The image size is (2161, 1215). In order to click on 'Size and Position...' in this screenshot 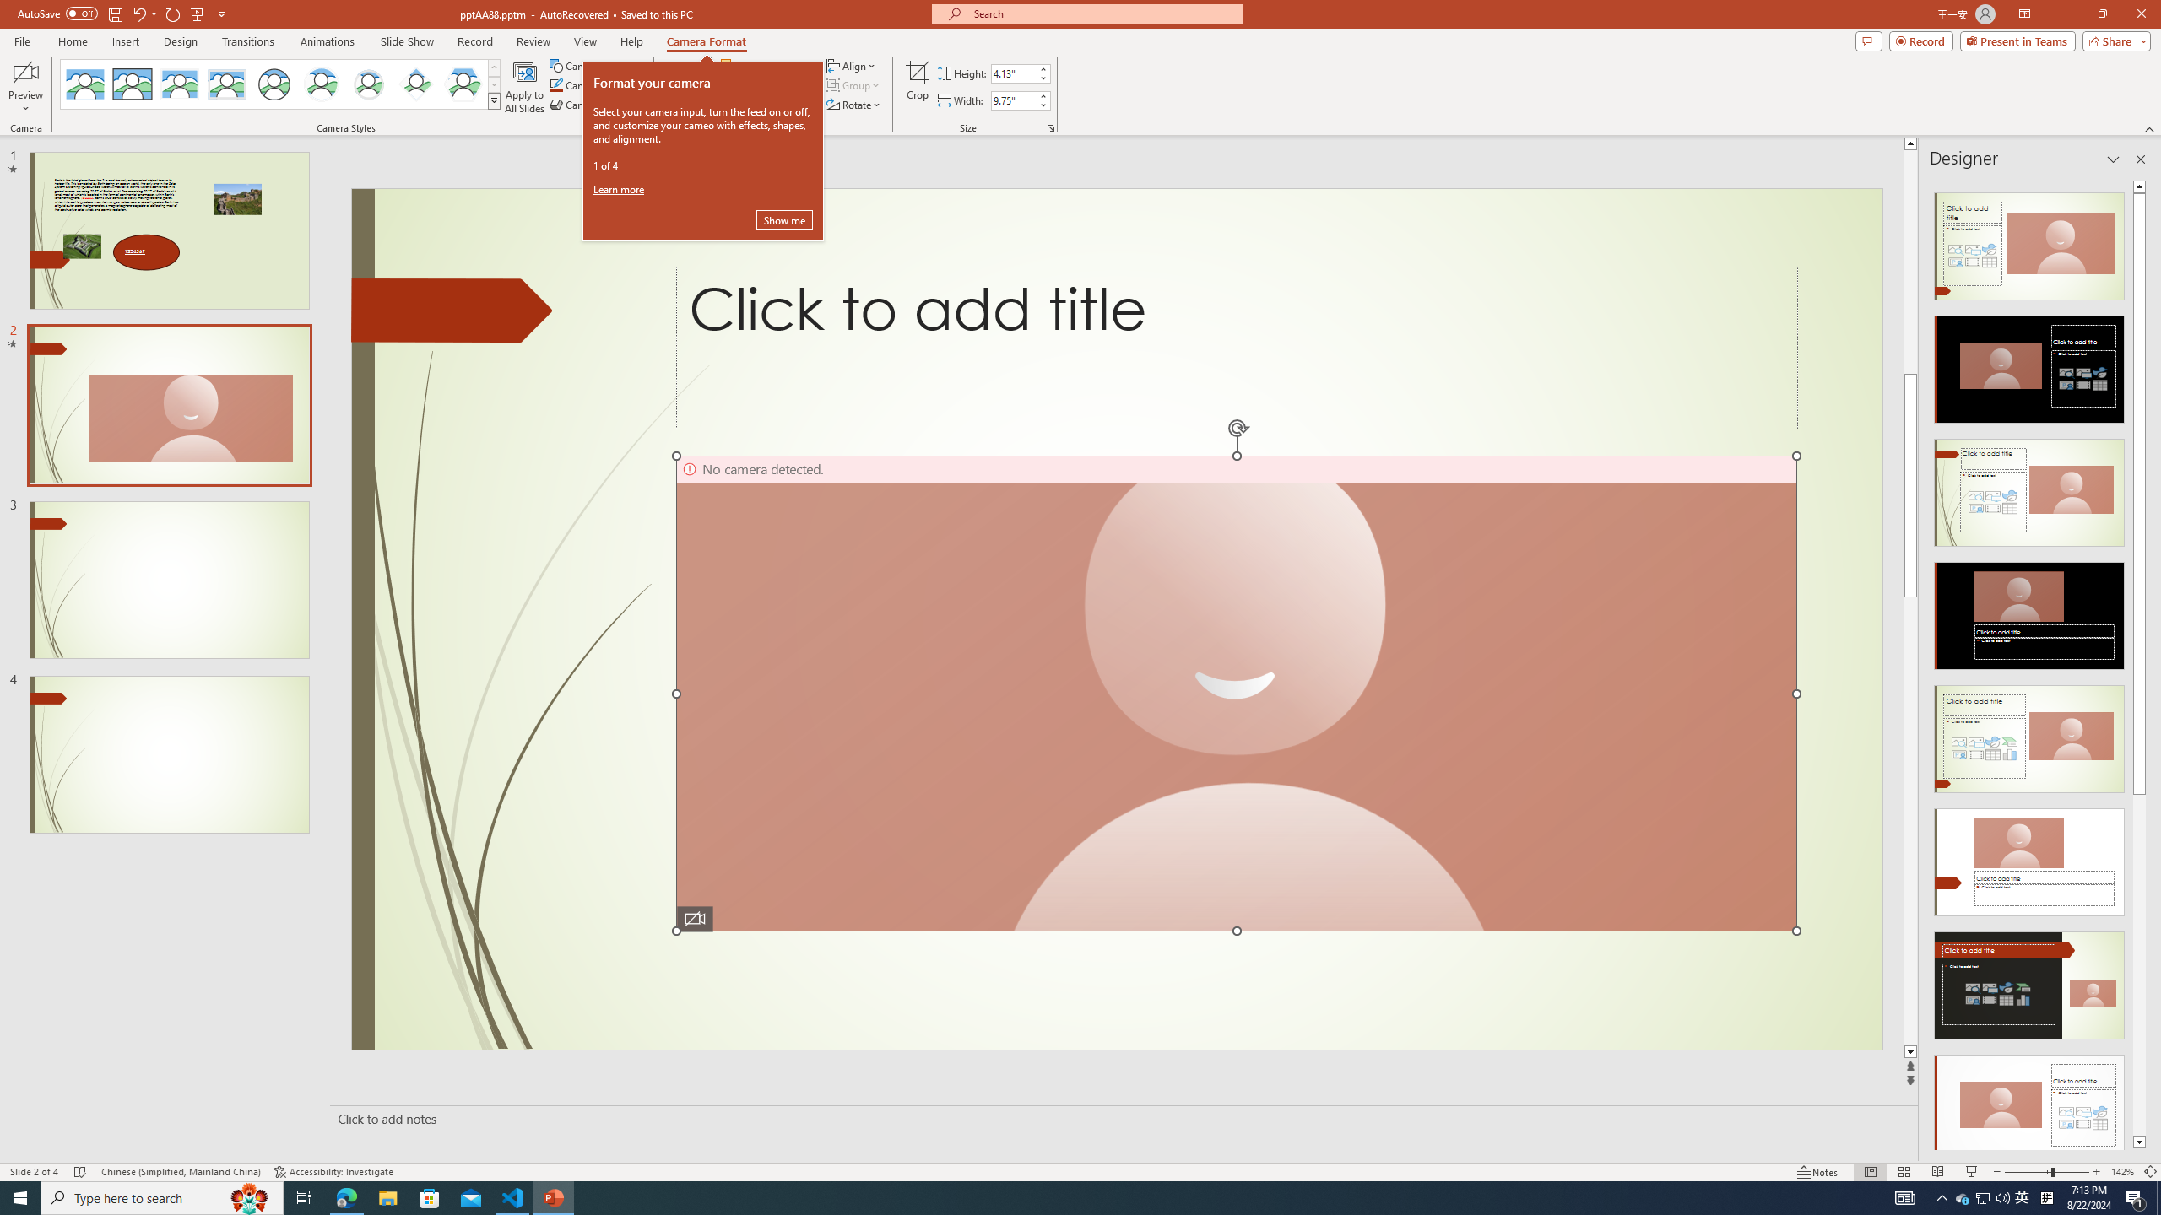, I will do `click(1049, 127)`.